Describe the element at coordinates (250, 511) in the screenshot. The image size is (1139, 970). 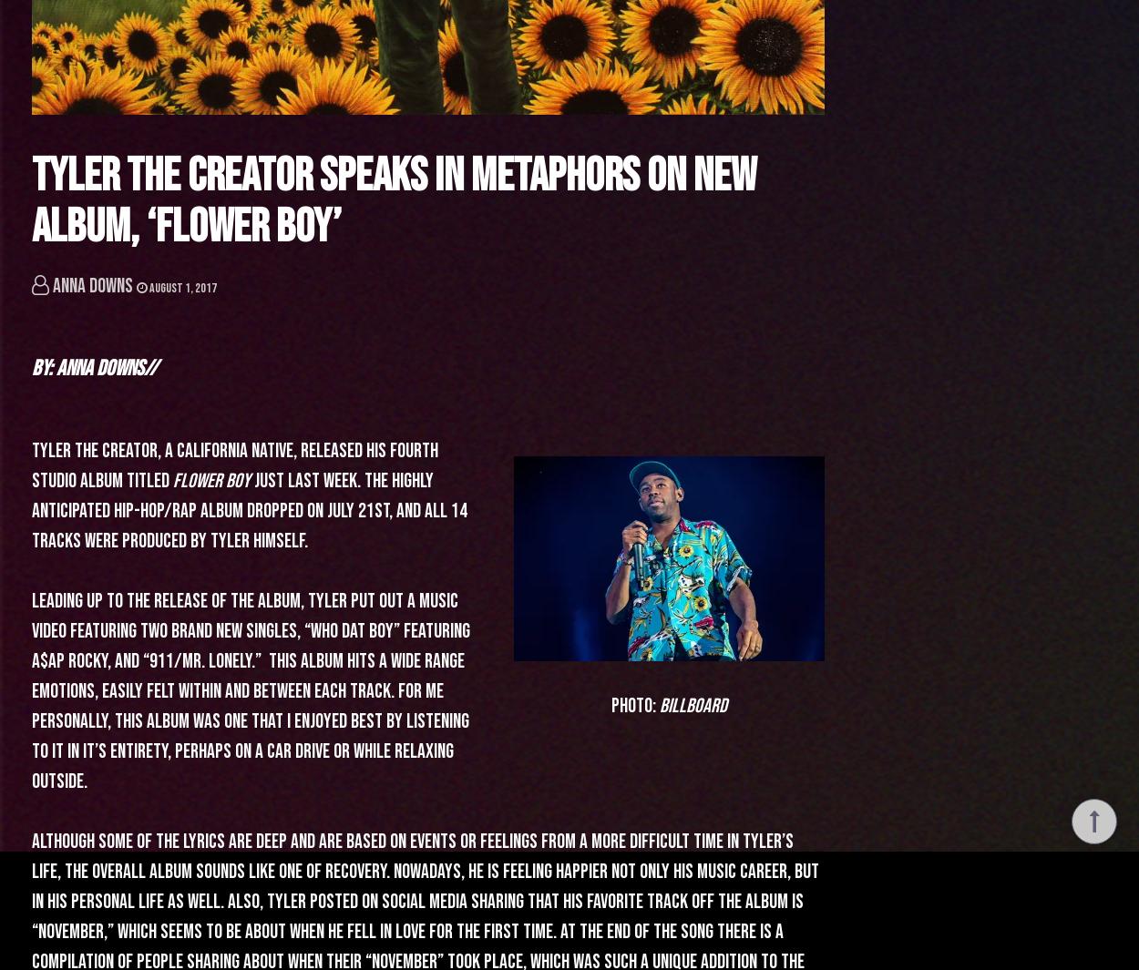
I see `'just last week. The highly anticipated hip-hop/rap album dropped on July 21st, and all 14 tracks were produced by Tyler himself.'` at that location.